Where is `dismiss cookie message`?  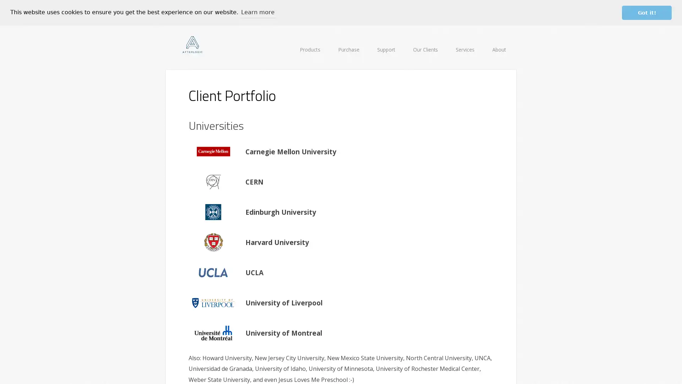
dismiss cookie message is located at coordinates (646, 12).